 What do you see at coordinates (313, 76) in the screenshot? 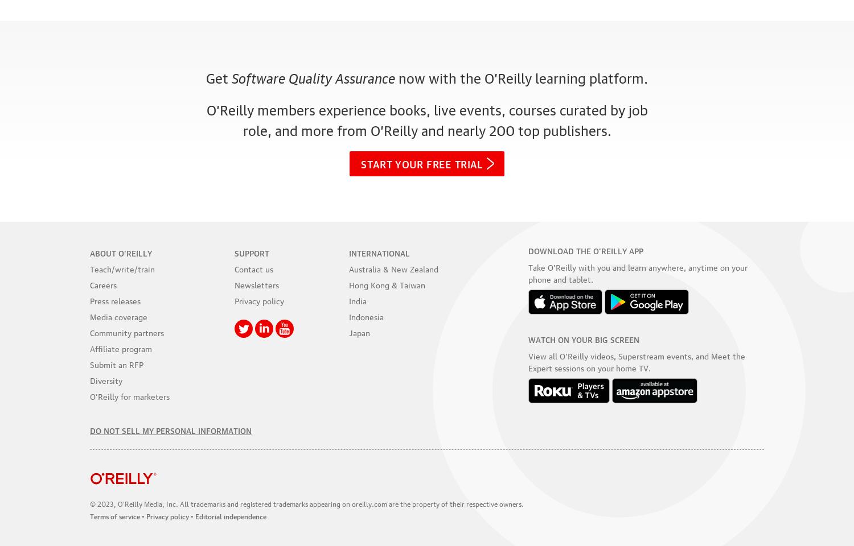
I see `'Software Quality Assurance'` at bounding box center [313, 76].